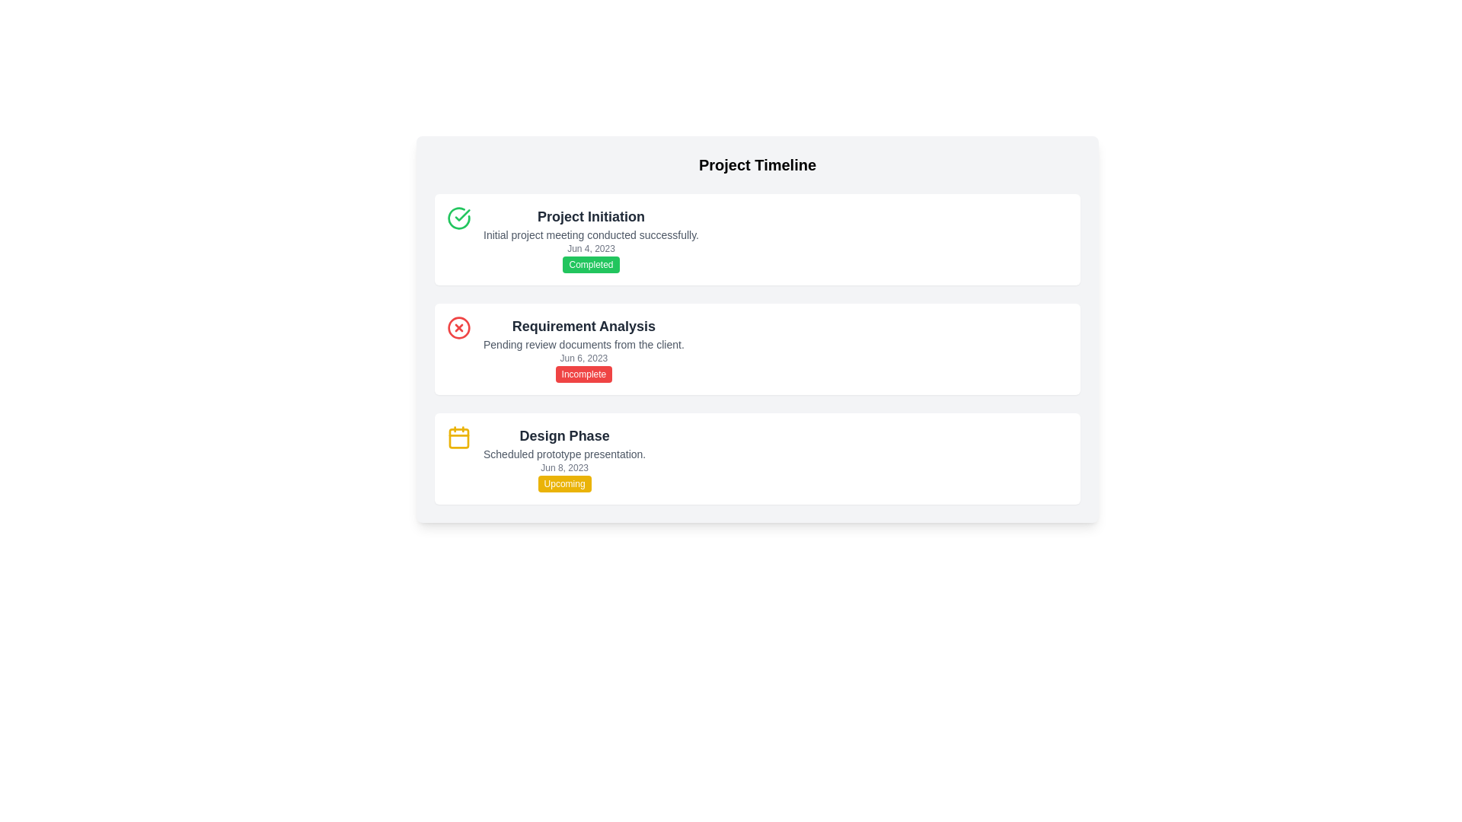  What do you see at coordinates (458, 437) in the screenshot?
I see `the calendar icon representing date or schedule information in the 'Design Phase' section` at bounding box center [458, 437].